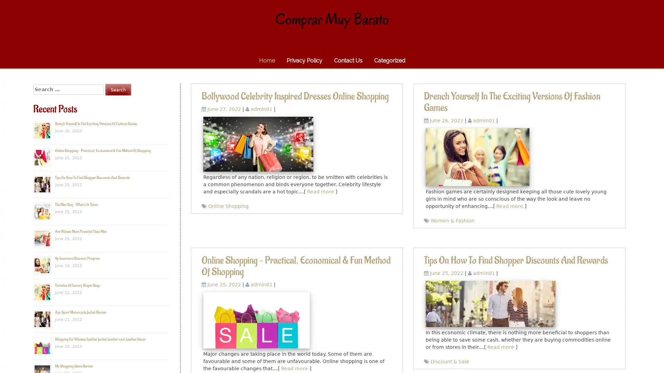  What do you see at coordinates (118, 89) in the screenshot?
I see `Search` at bounding box center [118, 89].